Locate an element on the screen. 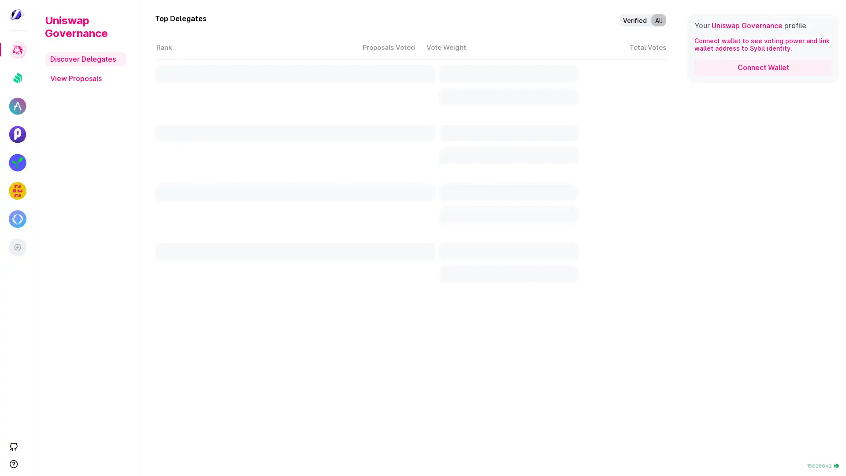 The image size is (846, 476). Delegate is located at coordinates (584, 400).